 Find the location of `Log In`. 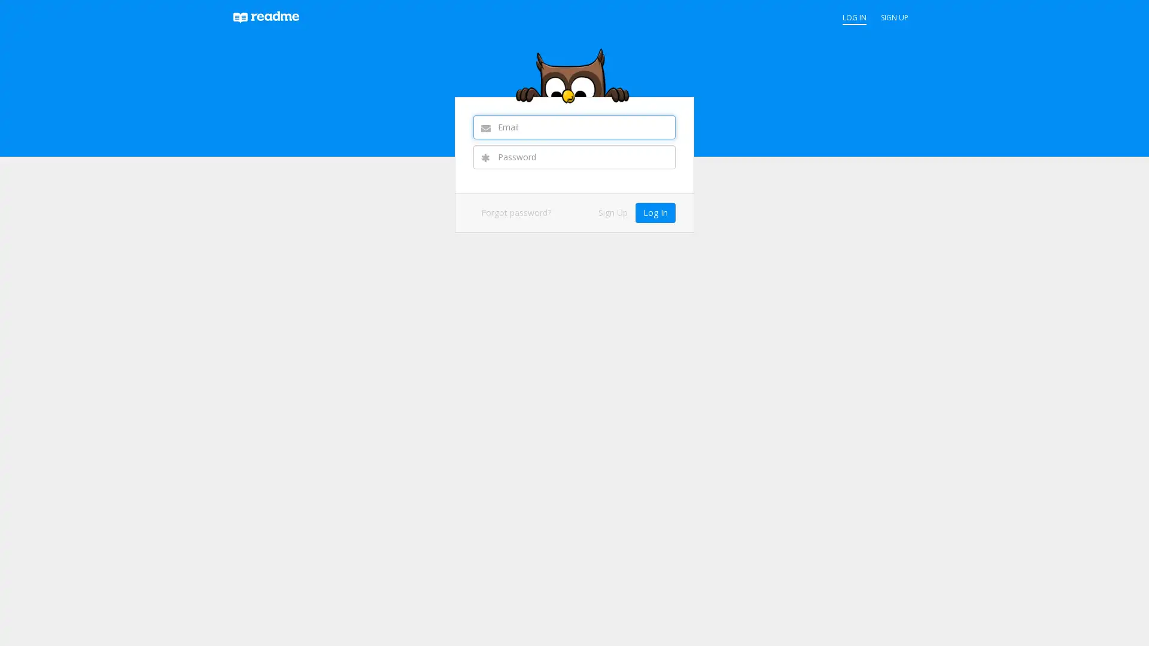

Log In is located at coordinates (655, 212).